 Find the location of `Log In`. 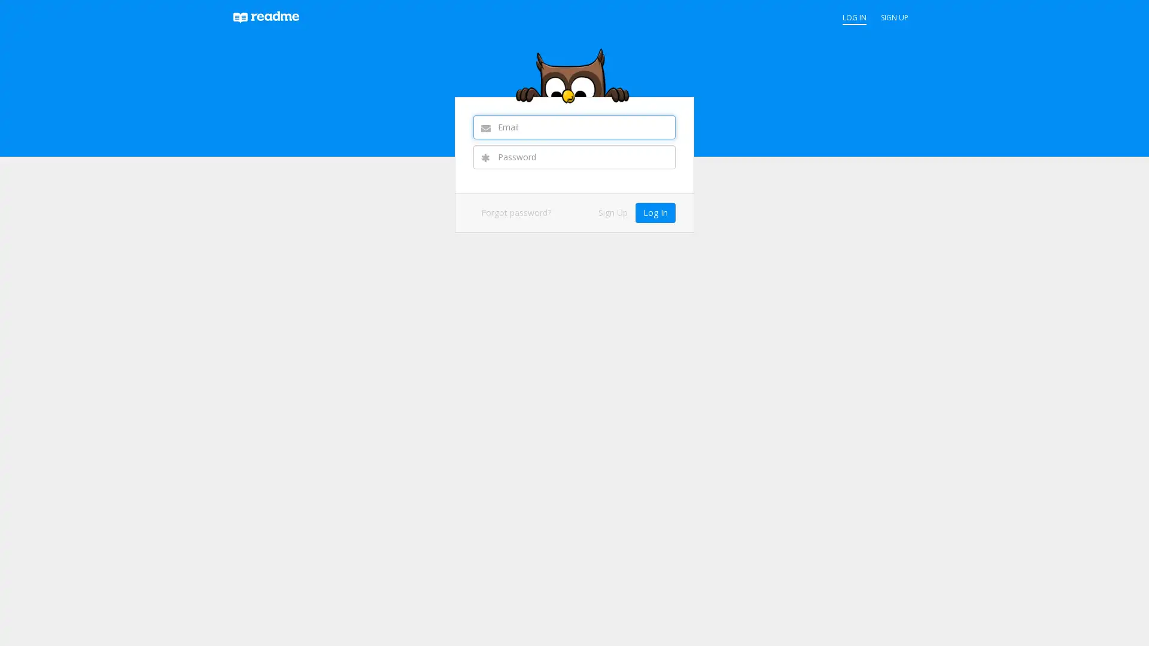

Log In is located at coordinates (655, 212).